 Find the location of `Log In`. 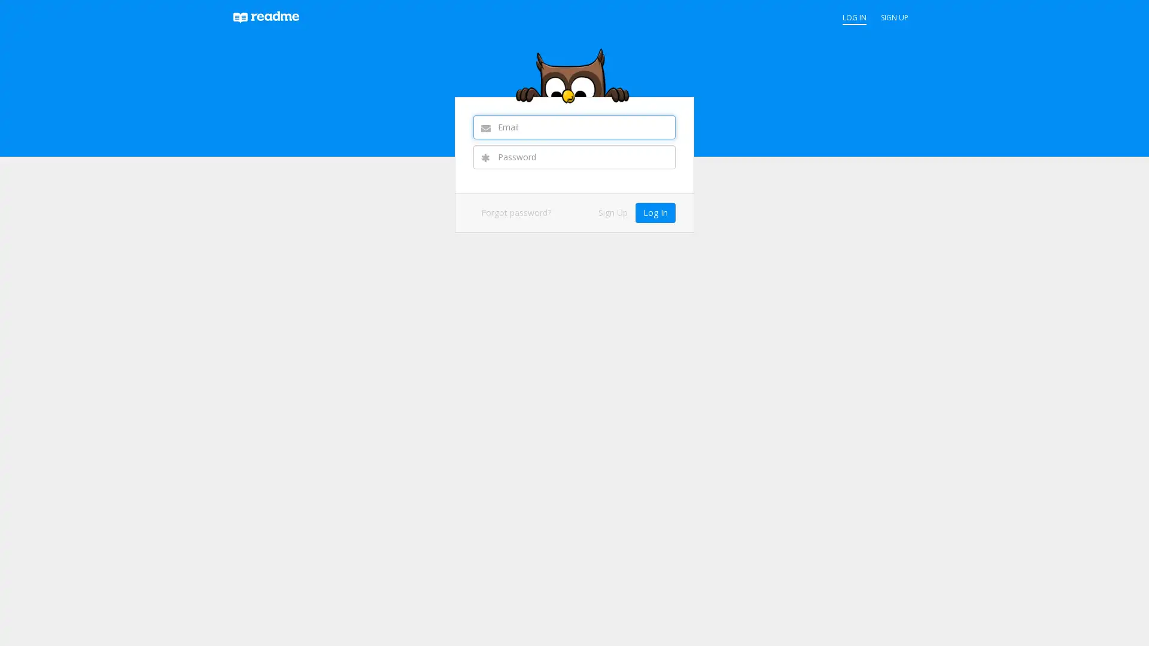

Log In is located at coordinates (655, 212).